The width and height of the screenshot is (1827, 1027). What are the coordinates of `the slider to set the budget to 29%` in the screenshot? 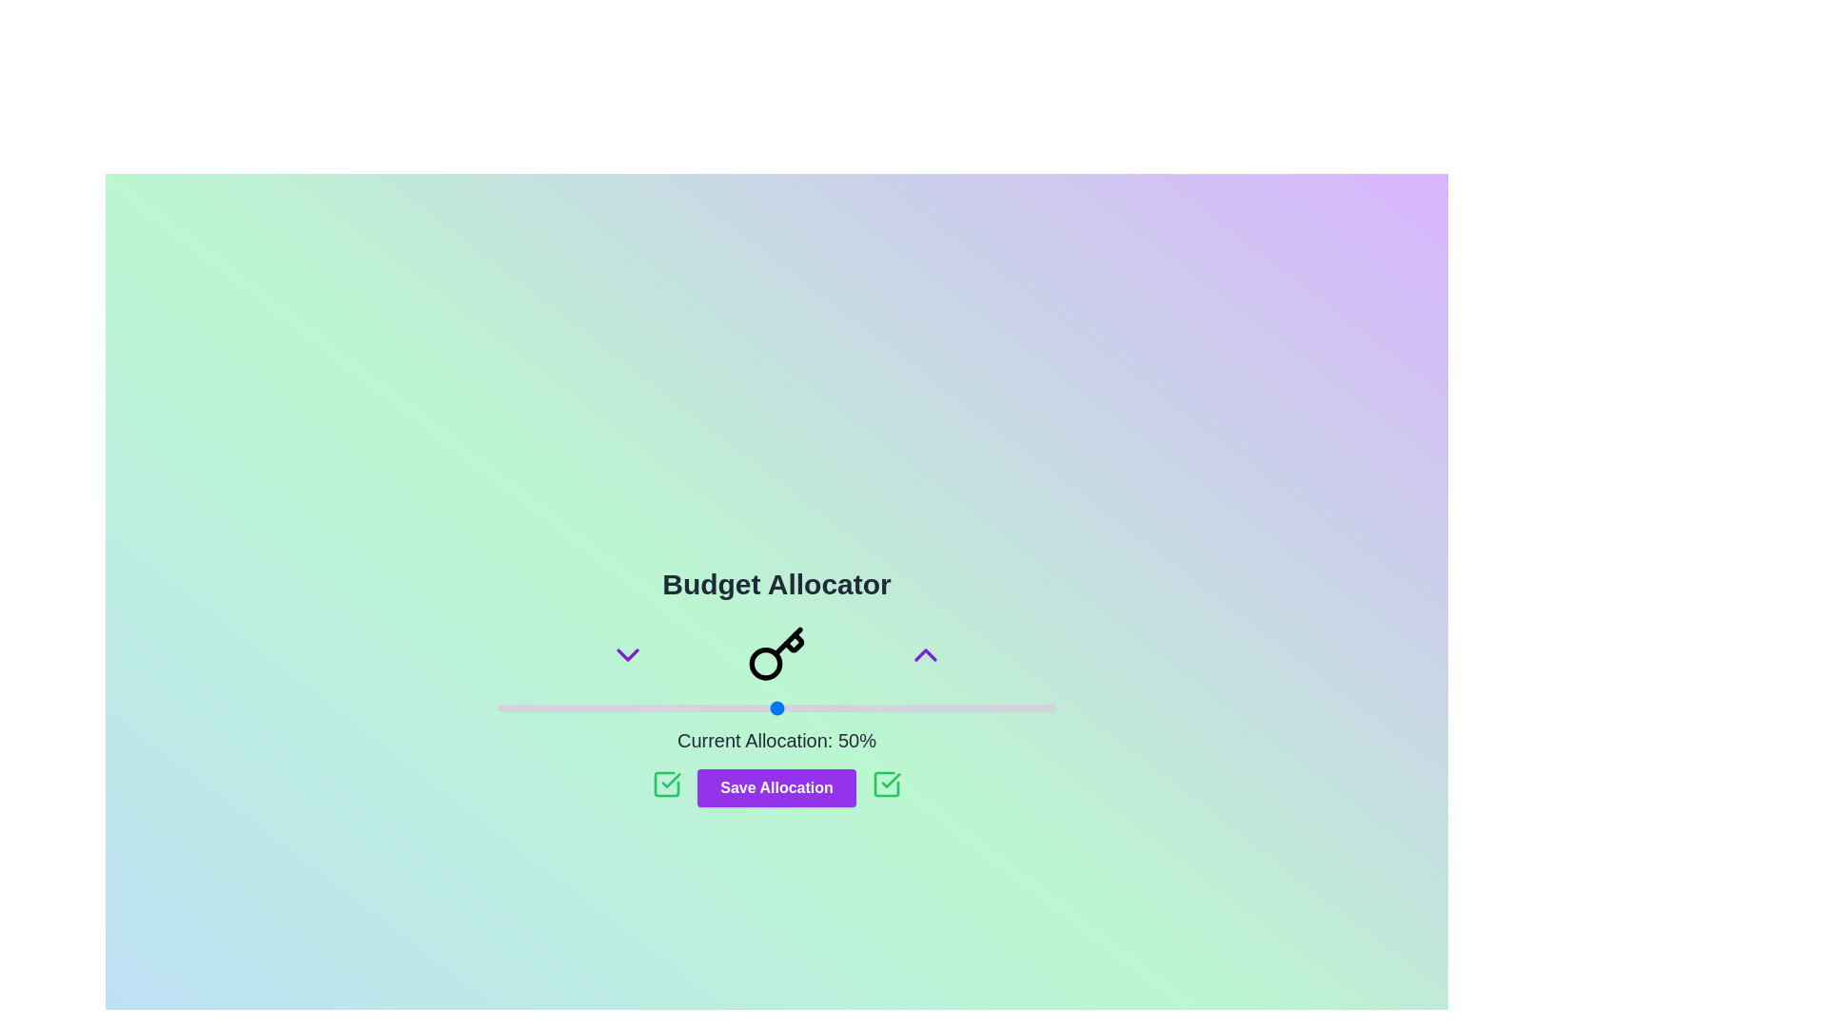 It's located at (659, 707).